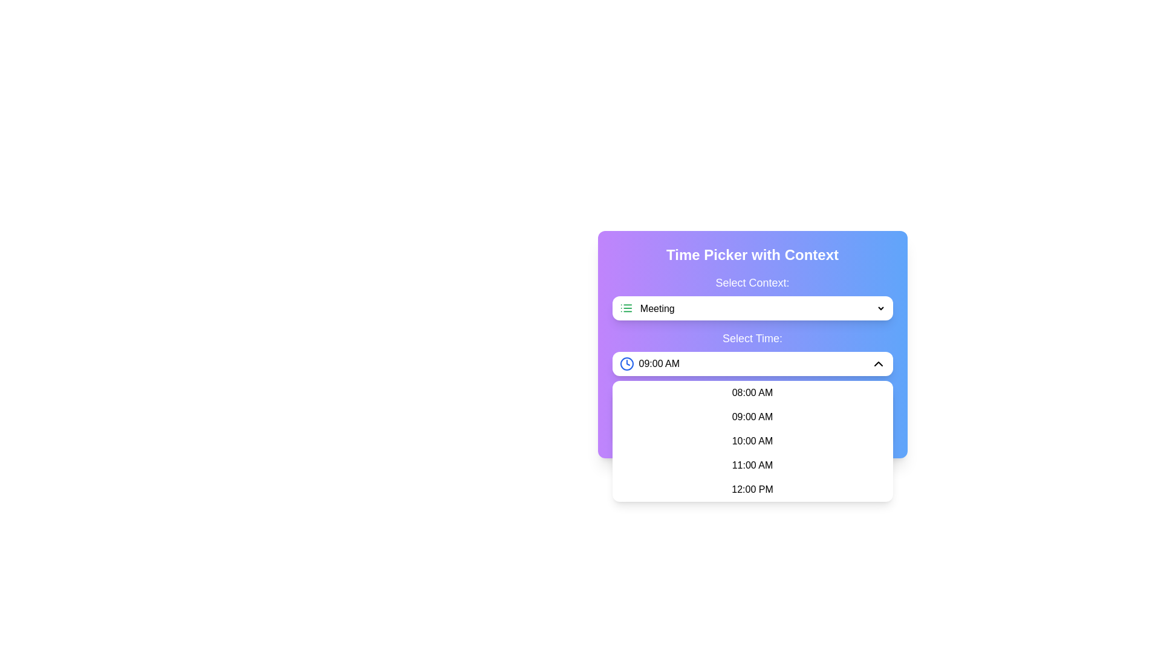 This screenshot has width=1161, height=653. Describe the element at coordinates (752, 417) in the screenshot. I see `the text label displaying '09:00 AM' in the dropdown-style menu for time selection` at that location.